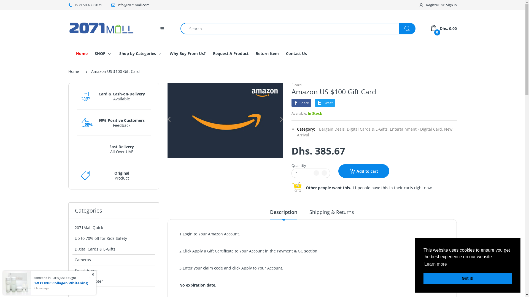 This screenshot has width=529, height=297. I want to click on '0, so click(444, 29).